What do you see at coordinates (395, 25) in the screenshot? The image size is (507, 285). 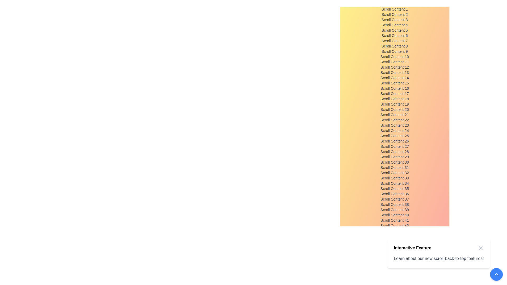 I see `text displayed in the fourth text label of a vertical list, located in the right section of the interface` at bounding box center [395, 25].